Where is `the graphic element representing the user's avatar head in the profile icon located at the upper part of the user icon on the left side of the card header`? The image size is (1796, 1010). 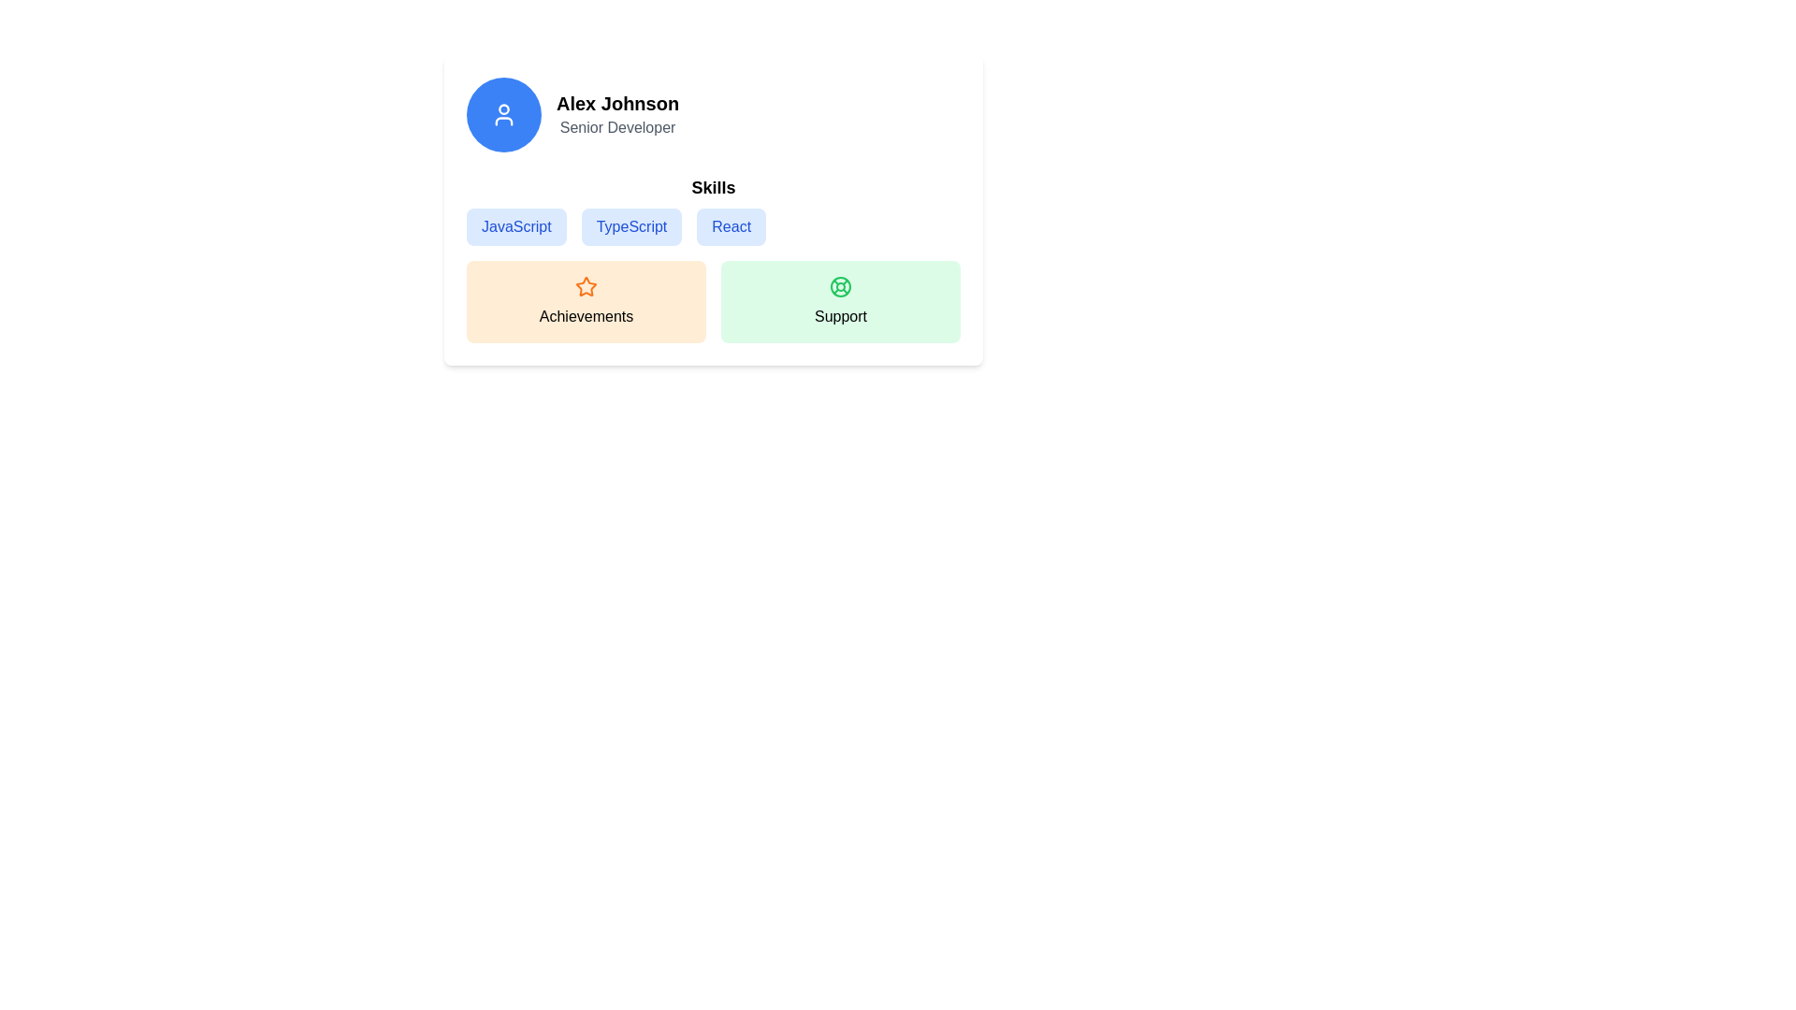 the graphic element representing the user's avatar head in the profile icon located at the upper part of the user icon on the left side of the card header is located at coordinates (503, 108).